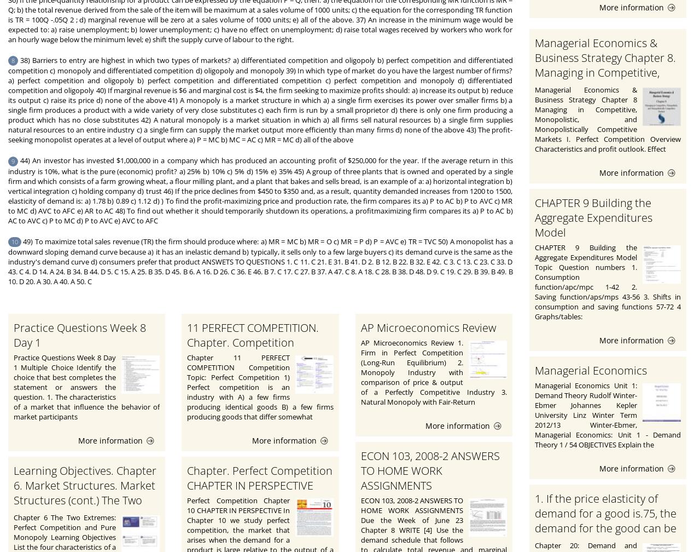  What do you see at coordinates (605, 79) in the screenshot?
I see `'Managerial Economics & Business Strategy Chapter 8. Managing in Competitive, Monopolistic, and Monopolistically Competitive Markets'` at bounding box center [605, 79].